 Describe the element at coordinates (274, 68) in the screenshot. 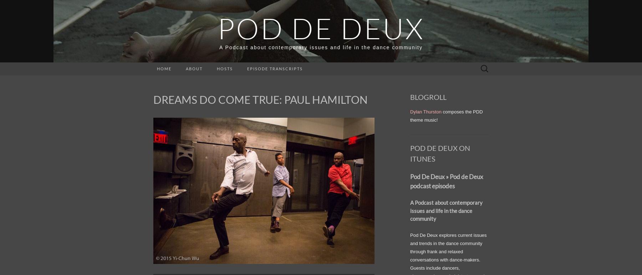

I see `'Episode Transcripts'` at that location.